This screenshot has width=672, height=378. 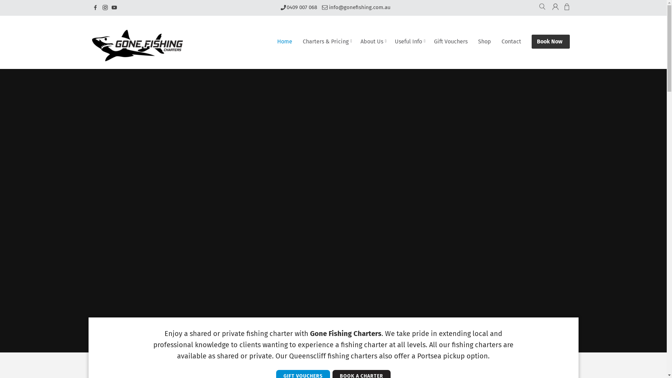 I want to click on 'info@gonefishing.com.au', so click(x=356, y=8).